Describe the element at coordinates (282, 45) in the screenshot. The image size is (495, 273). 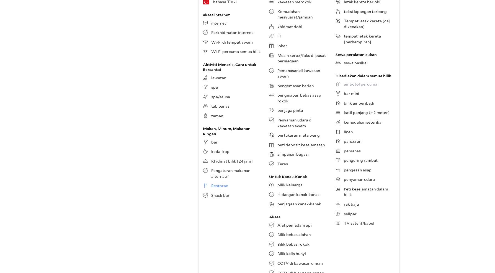
I see `'loker'` at that location.